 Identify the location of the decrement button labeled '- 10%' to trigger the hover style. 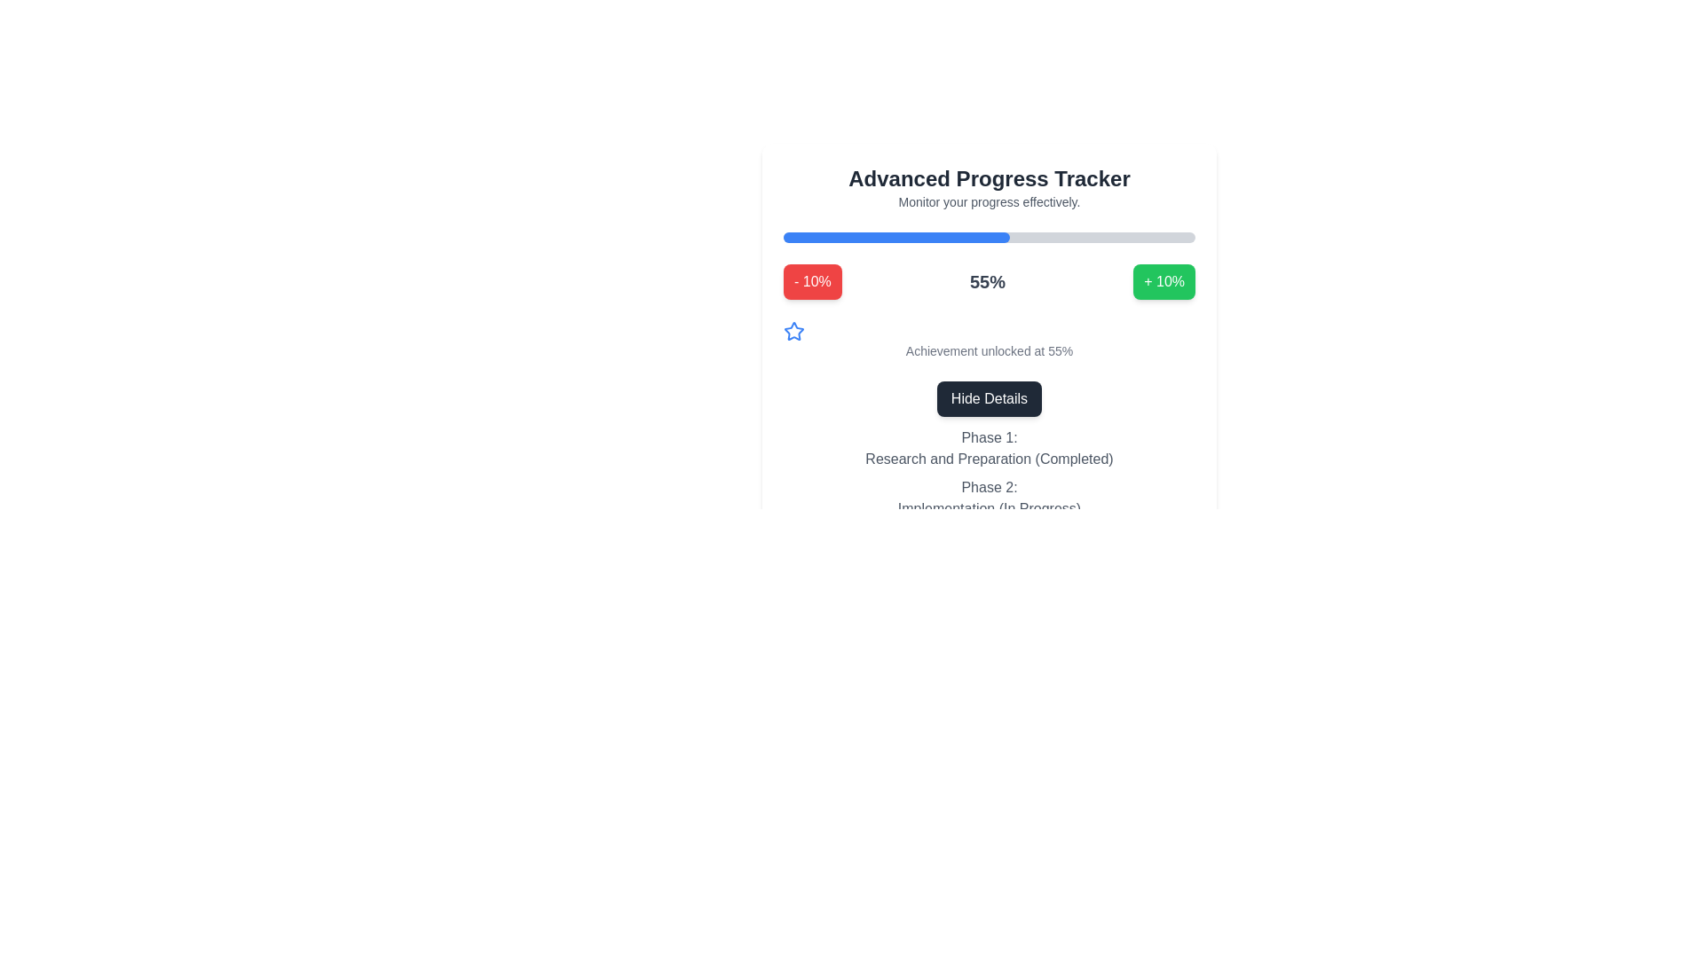
(811, 280).